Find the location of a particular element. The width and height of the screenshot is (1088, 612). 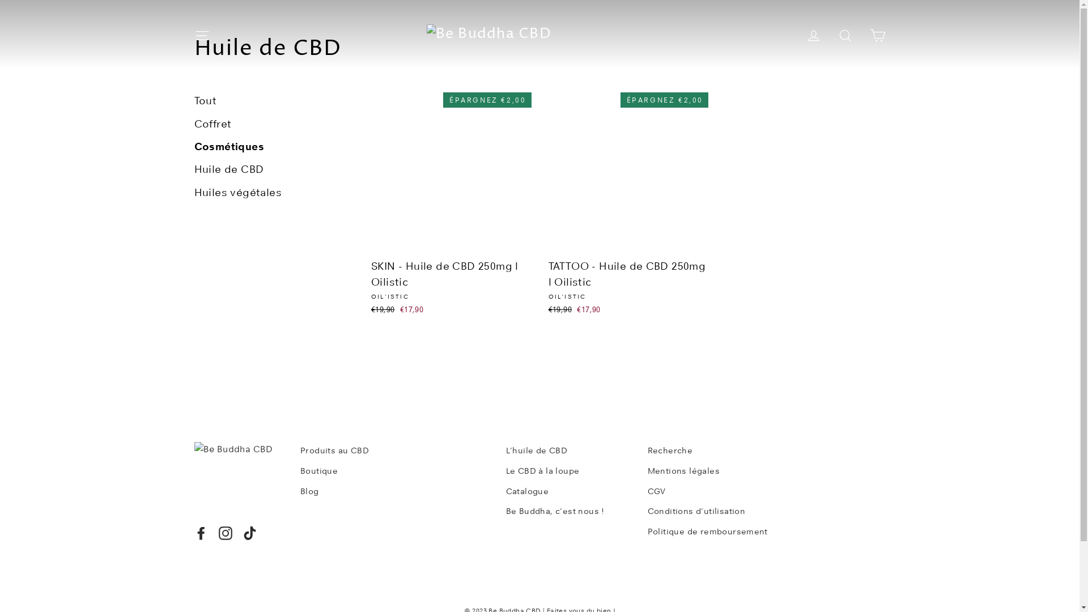

'Se connecter' is located at coordinates (813, 33).